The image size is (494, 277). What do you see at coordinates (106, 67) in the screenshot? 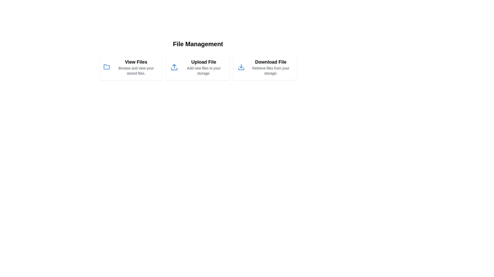
I see `the folder icon located in the 'View Files' section, which is the leftmost box in a set of three boxes for file management, preceding the title and subtitle texts` at bounding box center [106, 67].